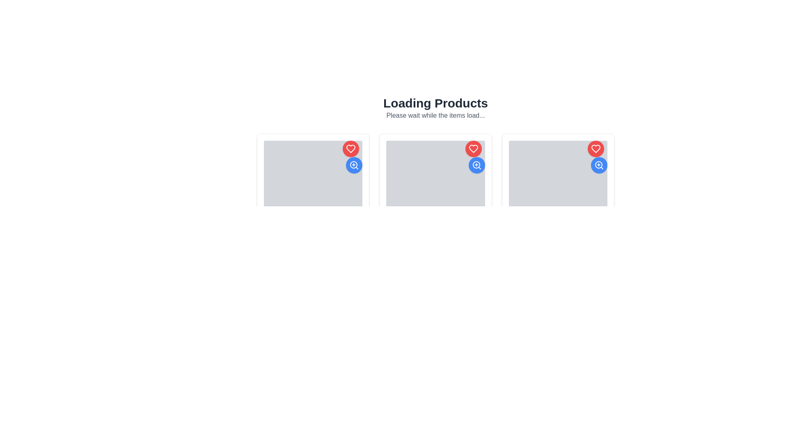 Image resolution: width=788 pixels, height=443 pixels. Describe the element at coordinates (354, 165) in the screenshot. I see `the circular blue button with a white magnifying glass icon in the bottom-right corner of the second card` at that location.